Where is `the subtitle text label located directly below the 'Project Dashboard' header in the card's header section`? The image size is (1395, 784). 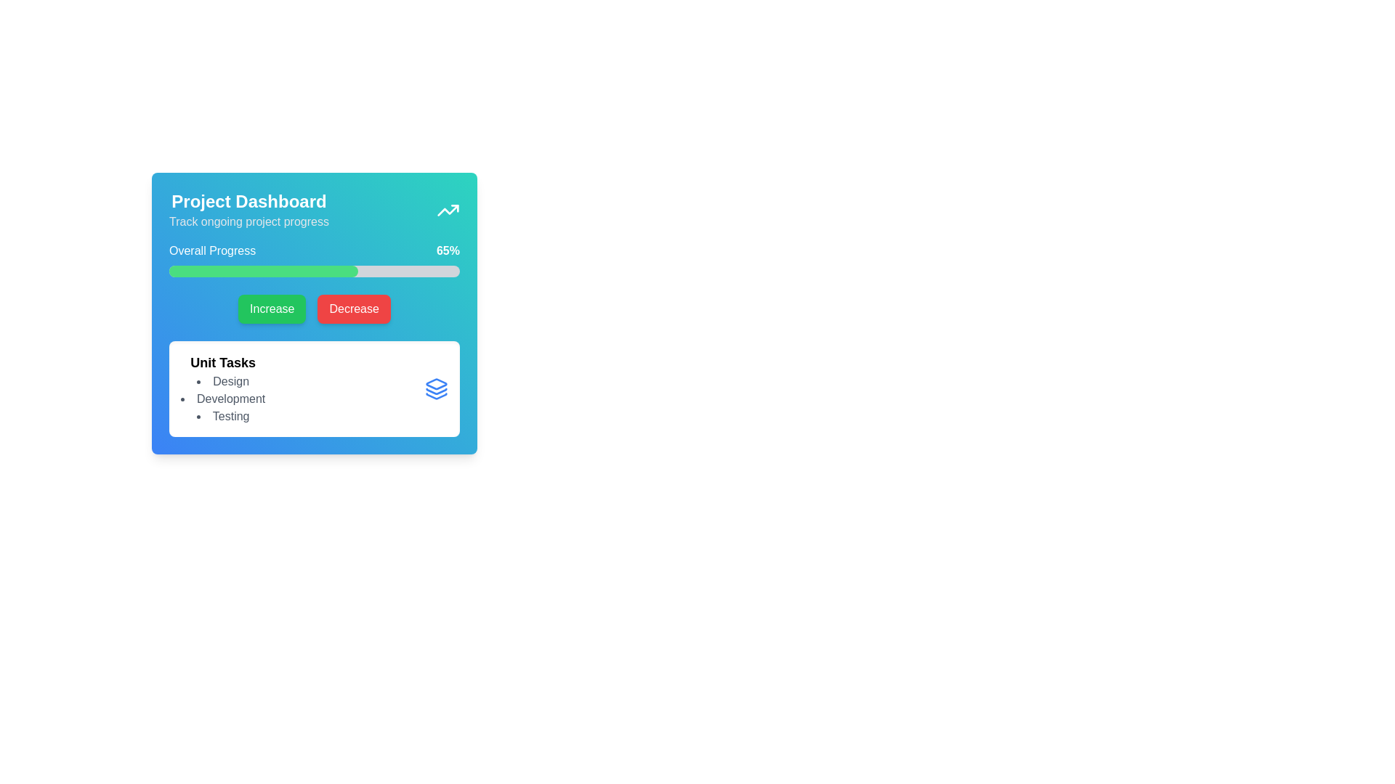
the subtitle text label located directly below the 'Project Dashboard' header in the card's header section is located at coordinates (248, 221).